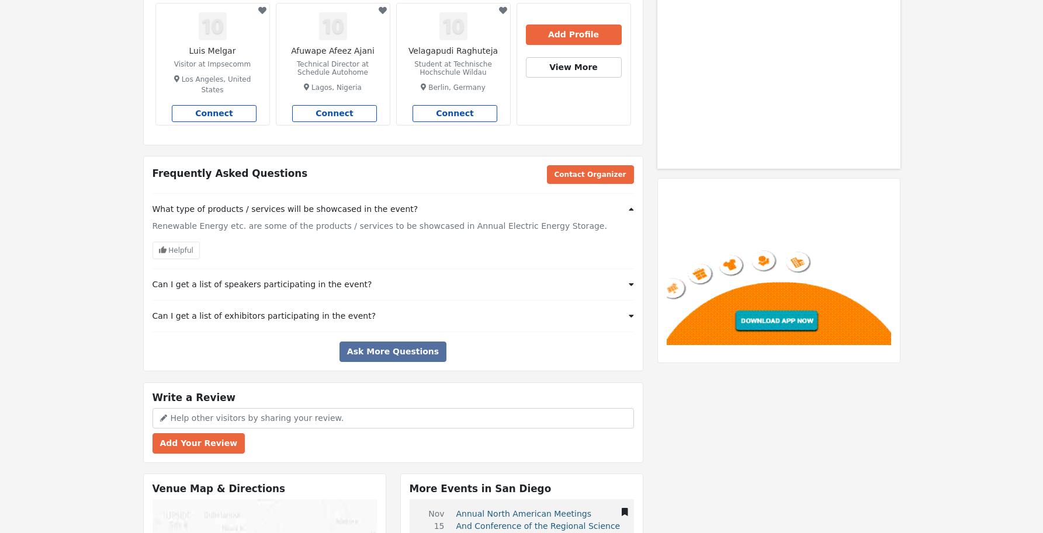 The height and width of the screenshot is (533, 1043). What do you see at coordinates (184, 11) in the screenshot?
I see `'Help Center | FAQ'` at bounding box center [184, 11].